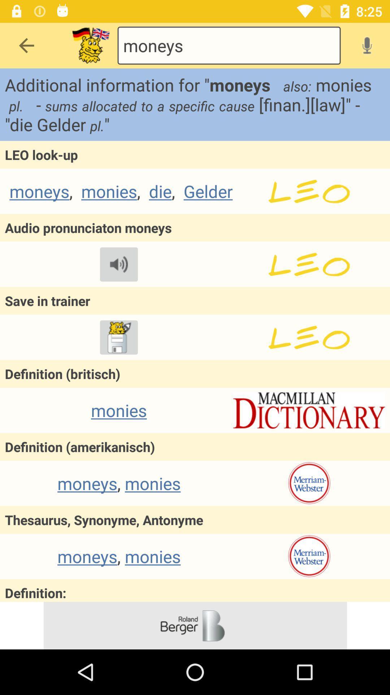  I want to click on merriam webster website, so click(309, 556).